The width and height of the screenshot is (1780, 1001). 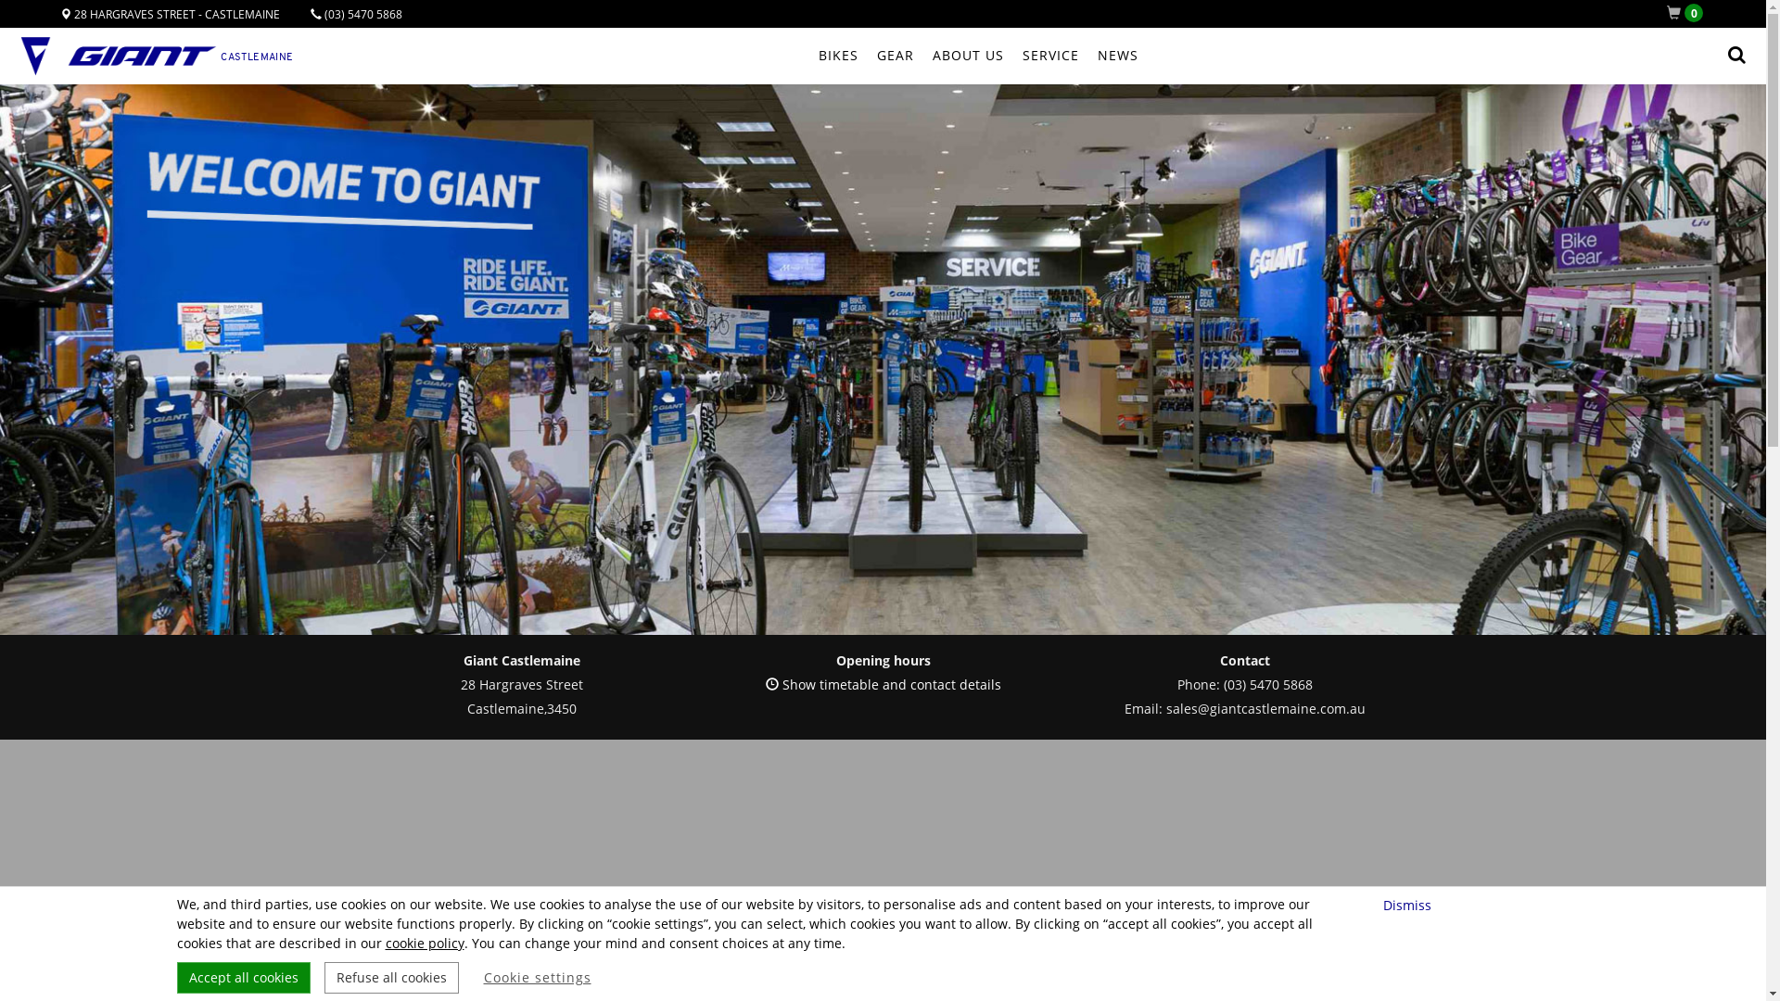 I want to click on 'Accept all cookies', so click(x=242, y=977).